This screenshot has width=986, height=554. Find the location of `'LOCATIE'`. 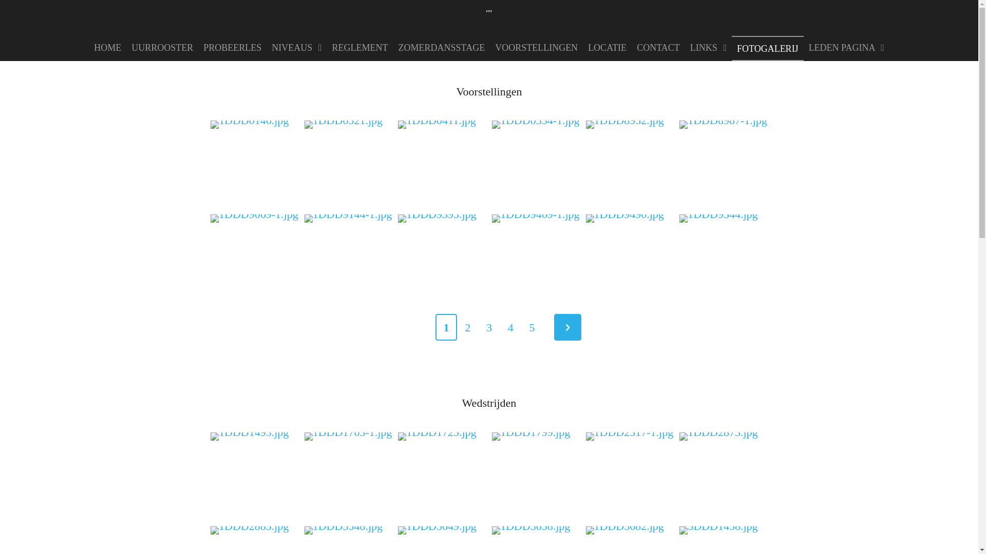

'LOCATIE' is located at coordinates (607, 47).